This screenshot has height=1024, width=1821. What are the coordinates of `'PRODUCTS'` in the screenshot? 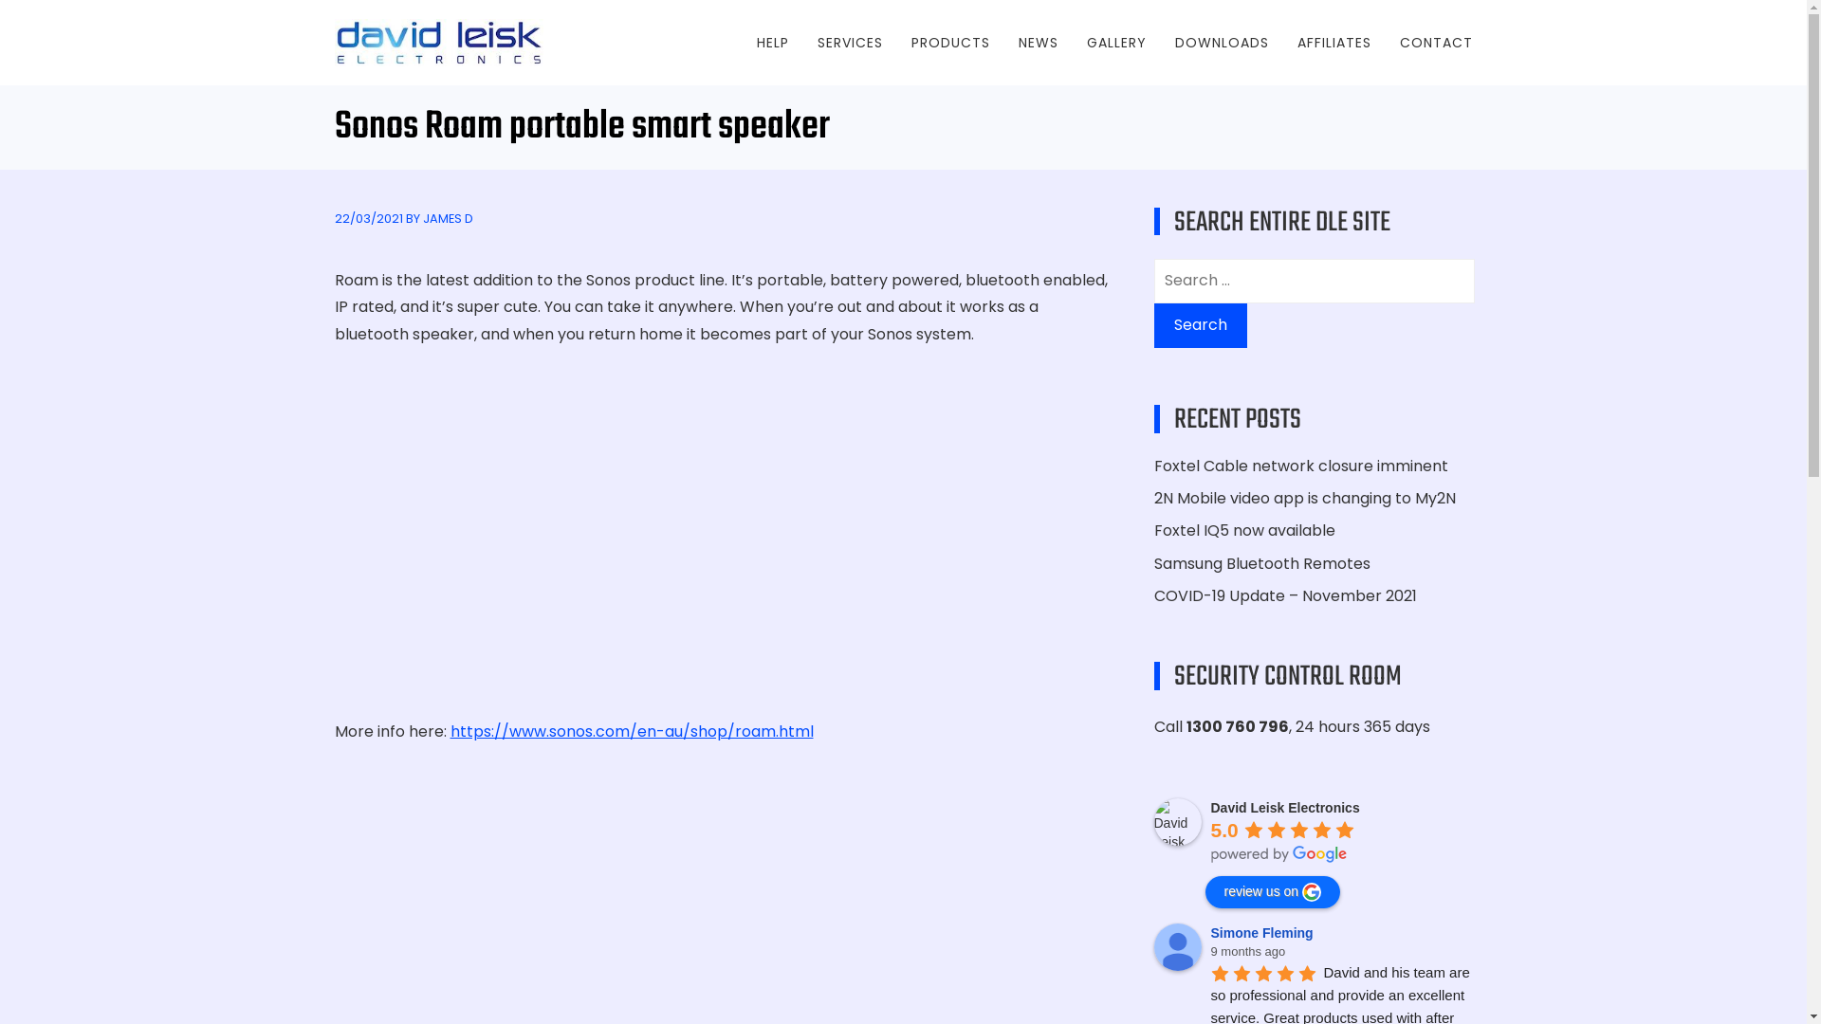 It's located at (910, 43).